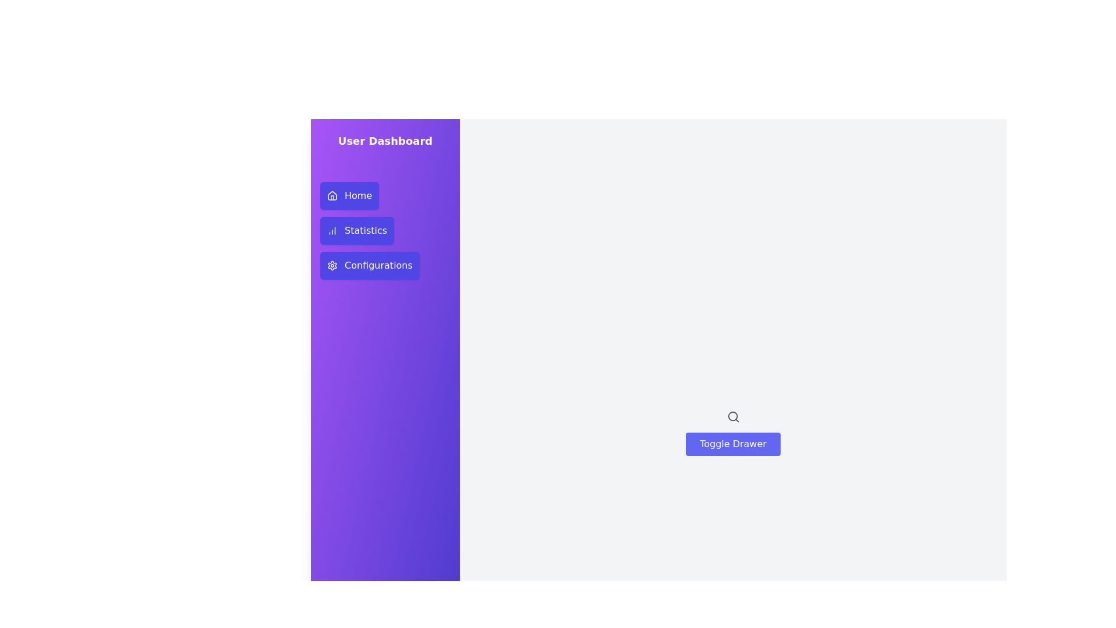 The image size is (1116, 628). What do you see at coordinates (732, 444) in the screenshot?
I see `the 'Toggle Drawer' button to toggle the visibility of the drawer` at bounding box center [732, 444].